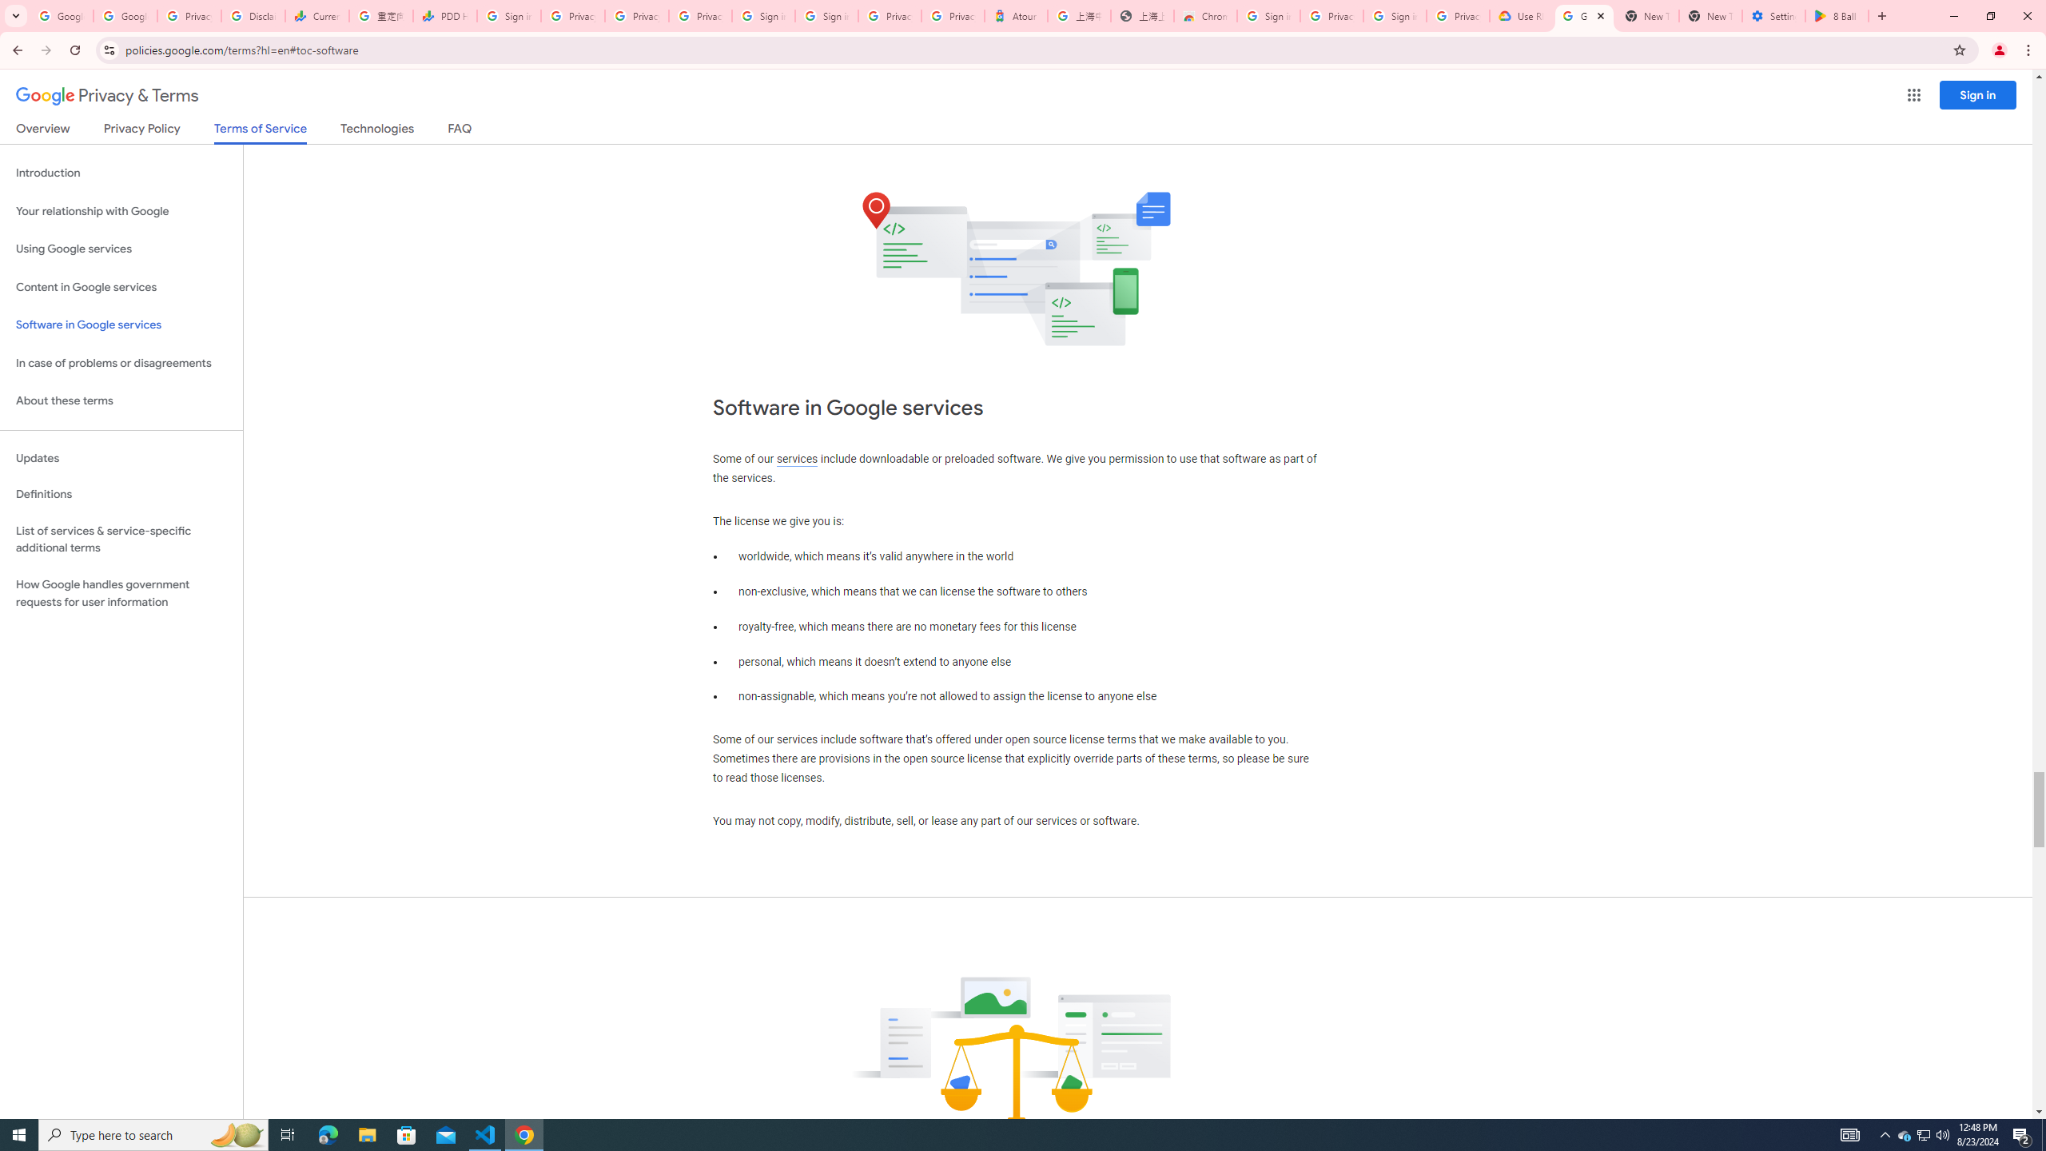 This screenshot has width=2046, height=1151. Describe the element at coordinates (121, 248) in the screenshot. I see `'Using Google services'` at that location.